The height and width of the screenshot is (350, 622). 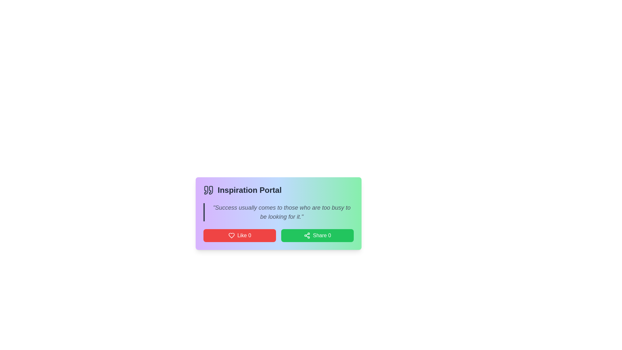 I want to click on the compact, double-quote icon located in the top-left corner of the 'Inspiration Portal' card, which is styled in a modern design and positioned left of the text 'Inspiration Portal', so click(x=208, y=190).